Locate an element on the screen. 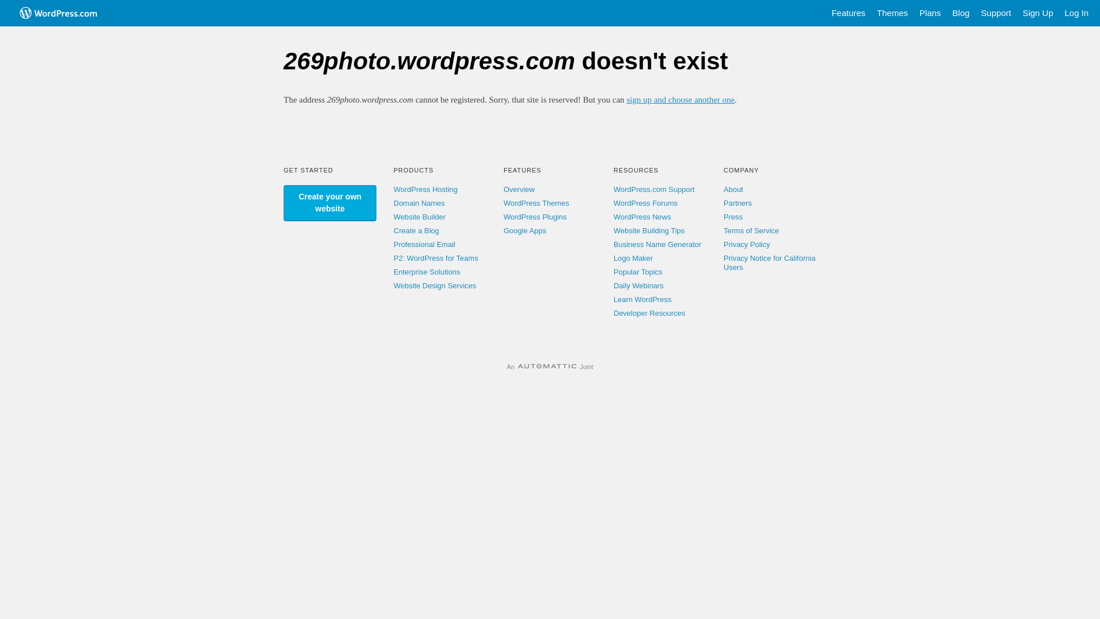 The image size is (1100, 619). 'Press' is located at coordinates (722, 217).